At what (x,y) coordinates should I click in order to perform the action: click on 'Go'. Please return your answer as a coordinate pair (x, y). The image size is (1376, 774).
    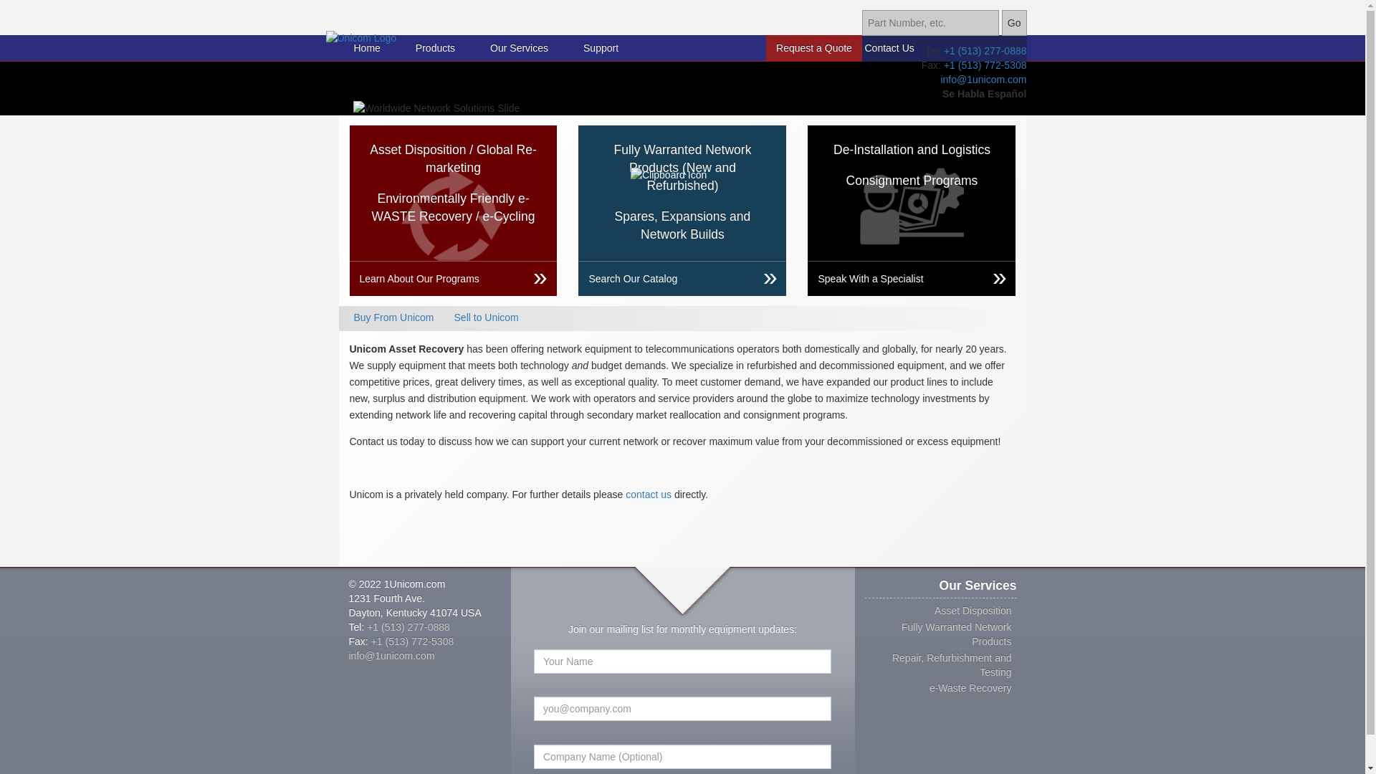
    Looking at the image, I should click on (1013, 22).